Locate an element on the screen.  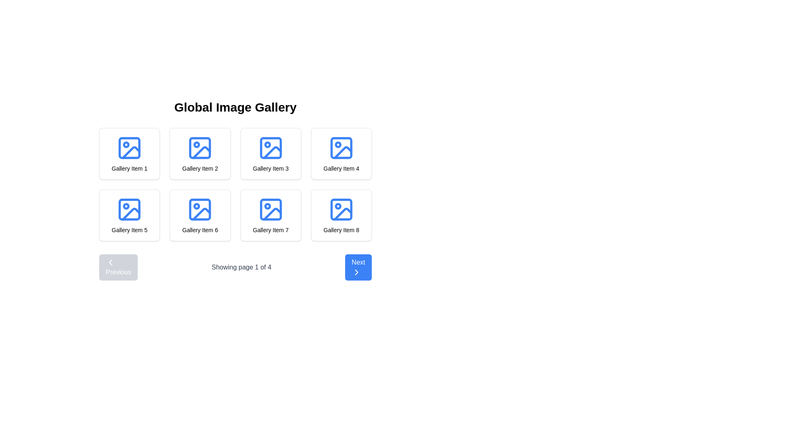
the gallery item icon located in the top-left card labeled 'Gallery Item 1' on the gallery grid is located at coordinates (129, 148).